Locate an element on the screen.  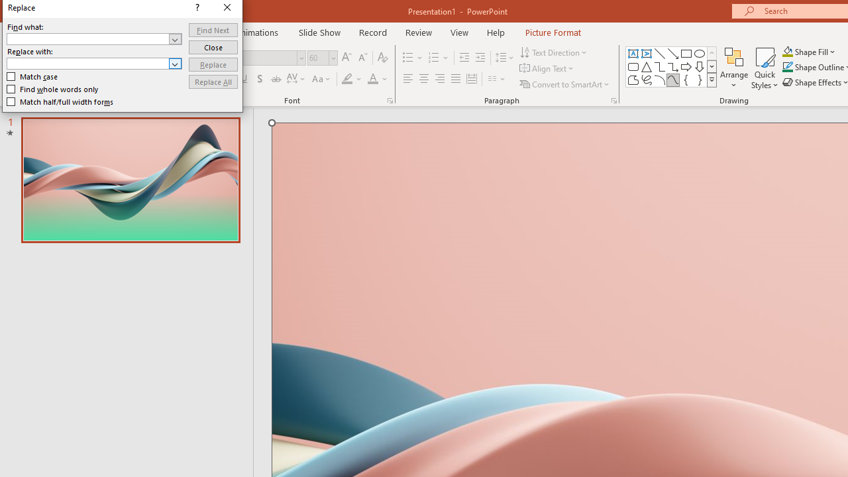
'AutomationID: ShapesInsertGallery' is located at coordinates (672, 66).